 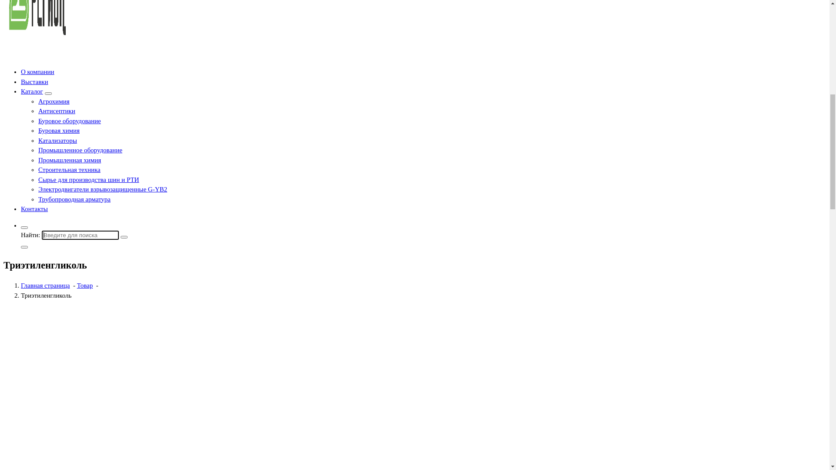 I want to click on '+ 7 984 197 77 47', so click(x=27, y=27).